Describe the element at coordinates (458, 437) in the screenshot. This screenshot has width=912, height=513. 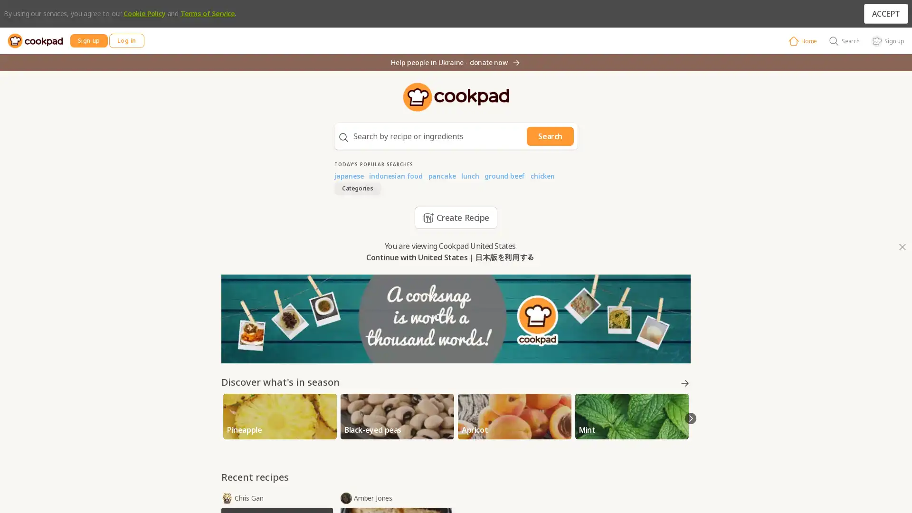
I see `Slide 2` at that location.